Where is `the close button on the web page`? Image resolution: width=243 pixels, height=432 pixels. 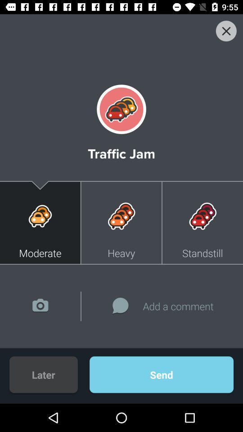 the close button on the web page is located at coordinates (121, 36).